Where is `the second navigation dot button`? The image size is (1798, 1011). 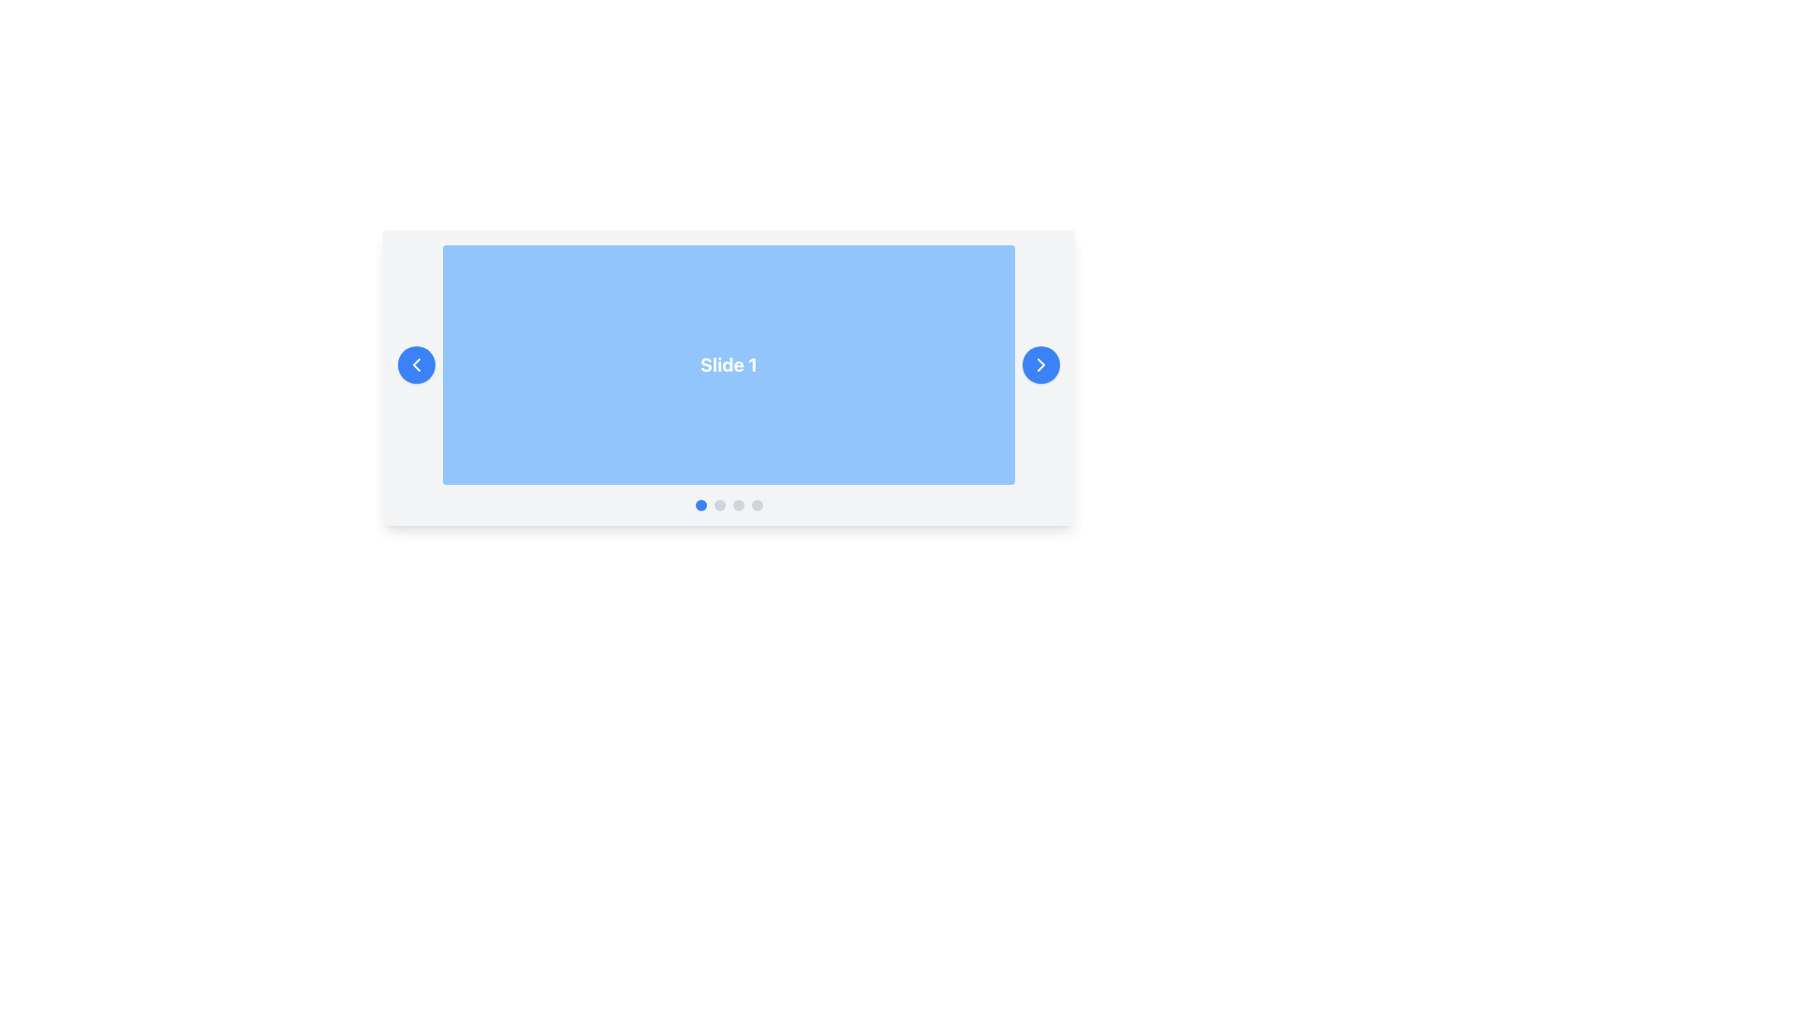
the second navigation dot button is located at coordinates (718, 505).